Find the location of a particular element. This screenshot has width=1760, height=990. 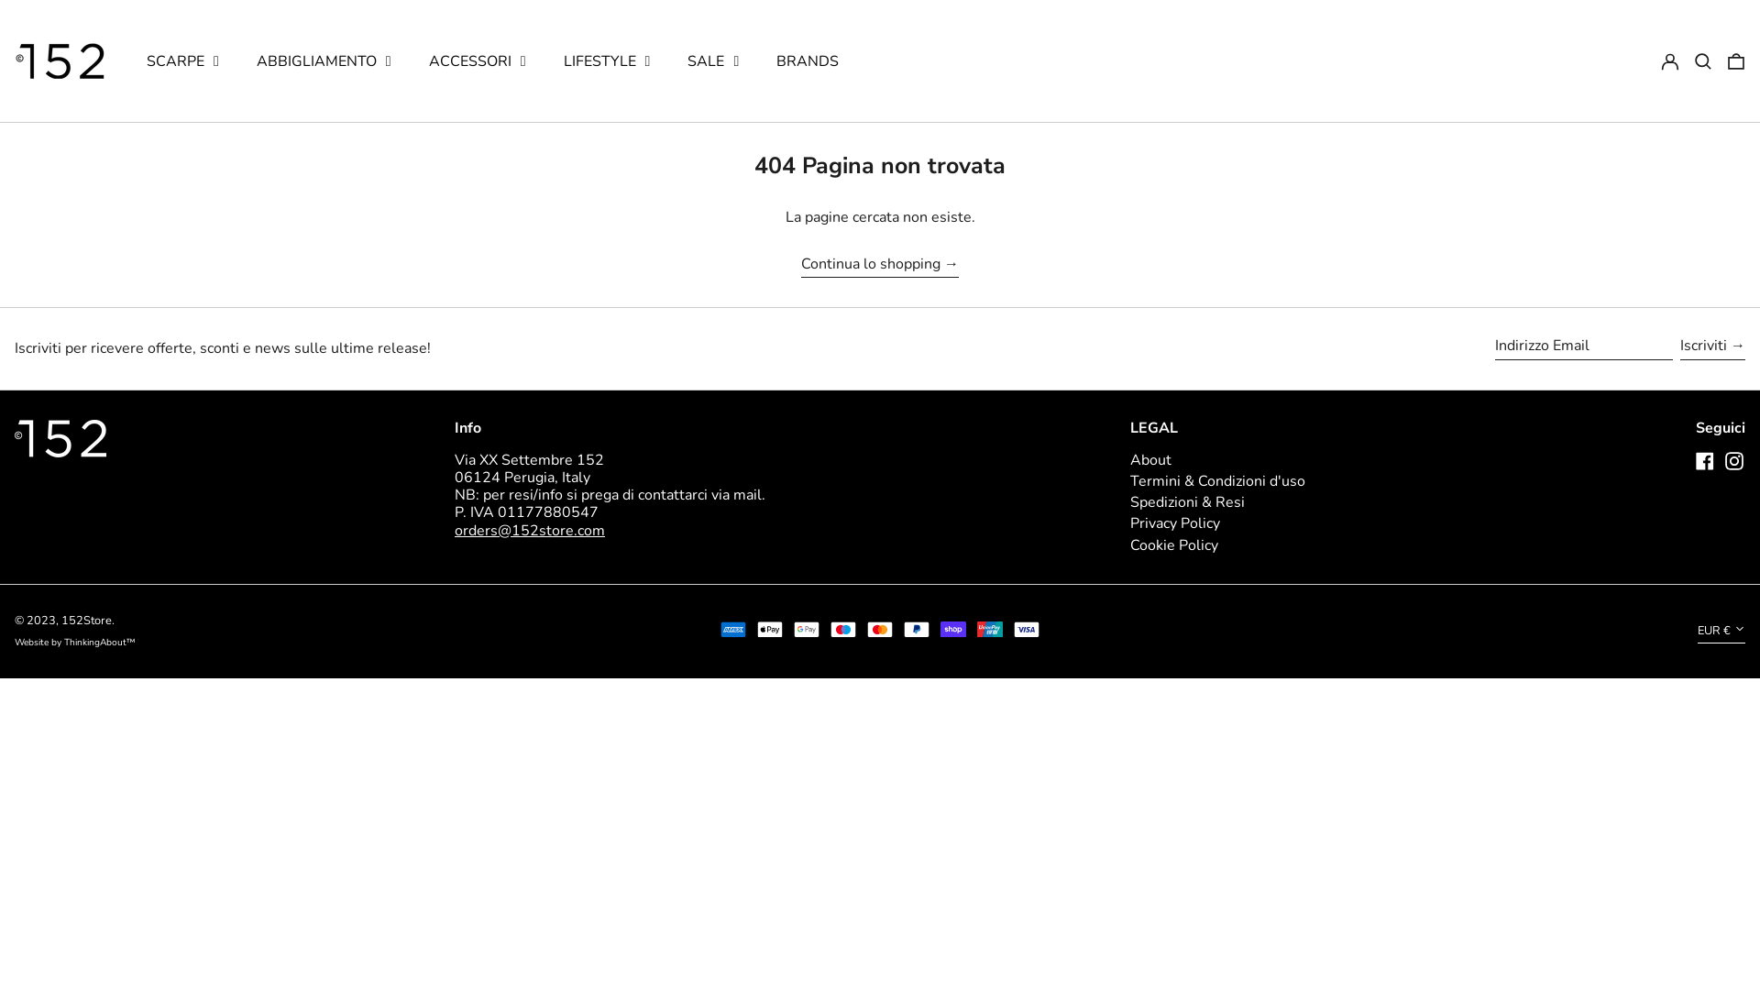

'About' is located at coordinates (1149, 458).